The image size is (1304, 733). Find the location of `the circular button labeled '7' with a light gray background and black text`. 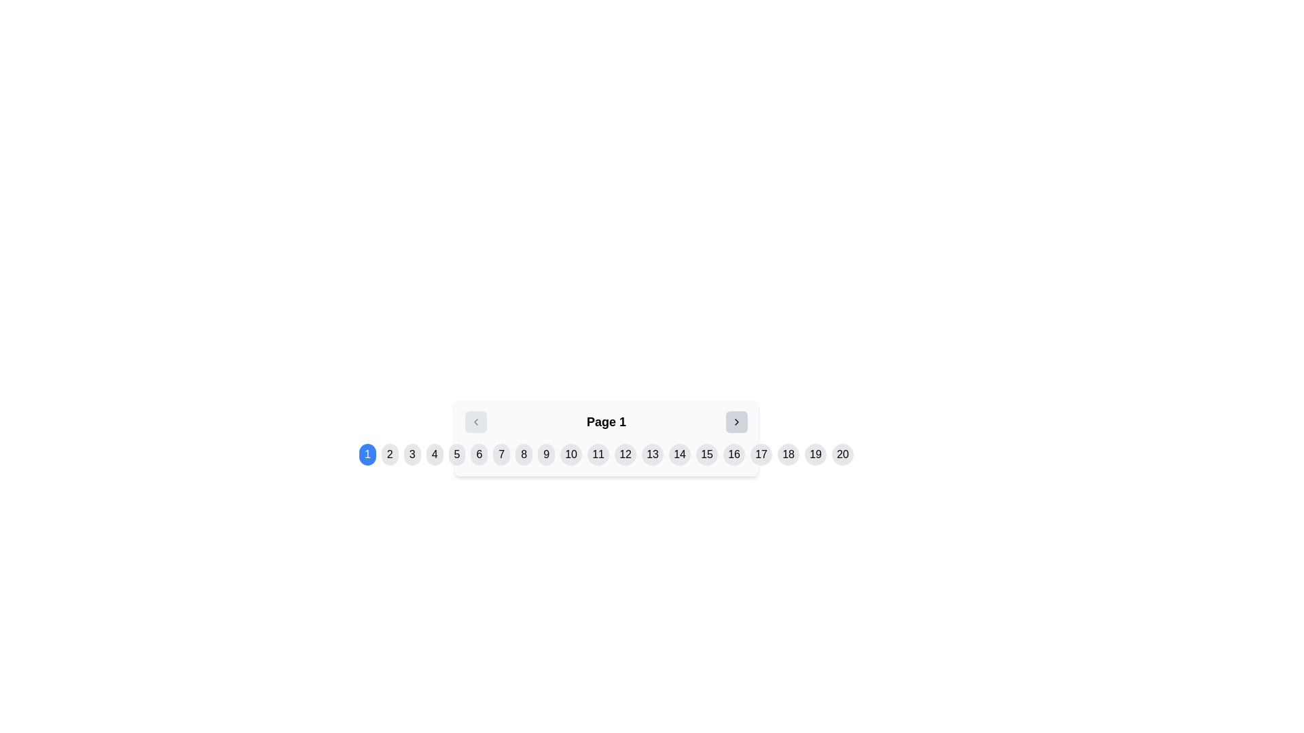

the circular button labeled '7' with a light gray background and black text is located at coordinates (501, 455).